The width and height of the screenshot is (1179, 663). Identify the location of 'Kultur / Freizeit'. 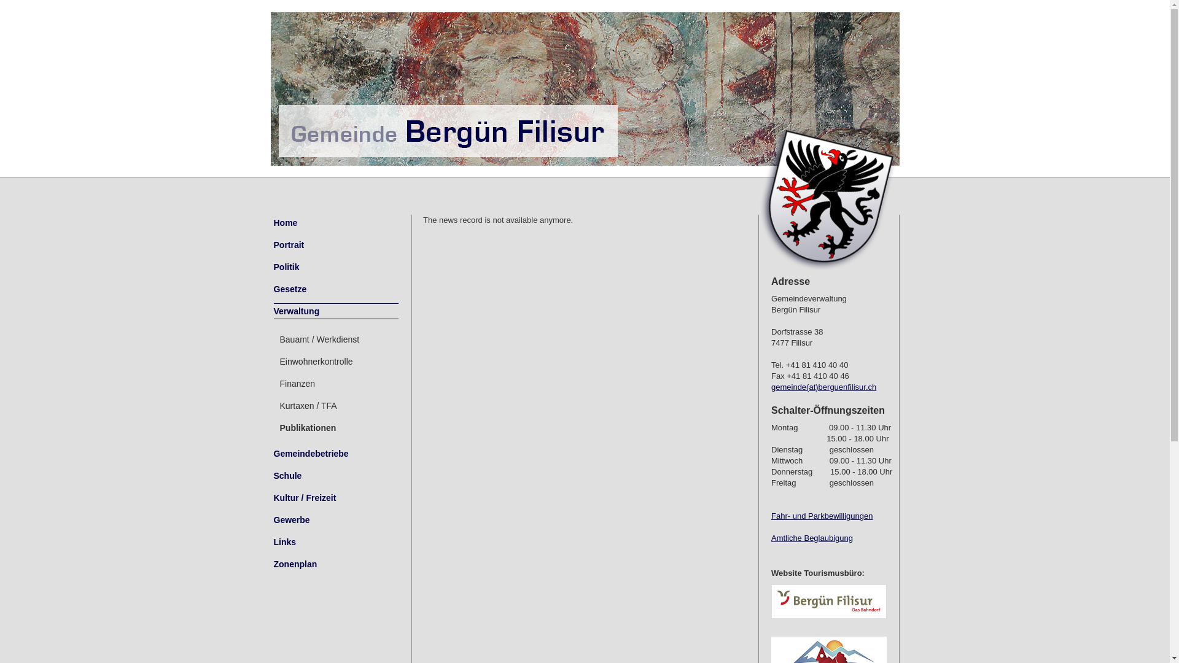
(336, 497).